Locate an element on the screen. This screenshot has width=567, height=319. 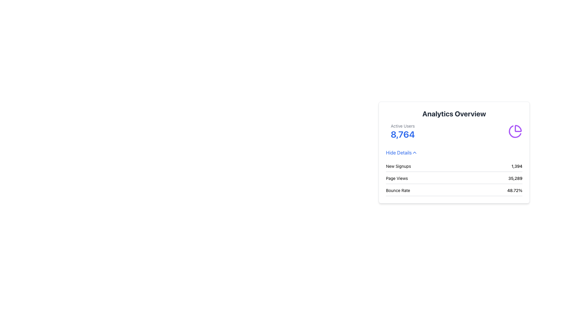
the text display showing the number '35,289' located to the right of the label 'Page Views' in the analytics overview card is located at coordinates (515, 178).